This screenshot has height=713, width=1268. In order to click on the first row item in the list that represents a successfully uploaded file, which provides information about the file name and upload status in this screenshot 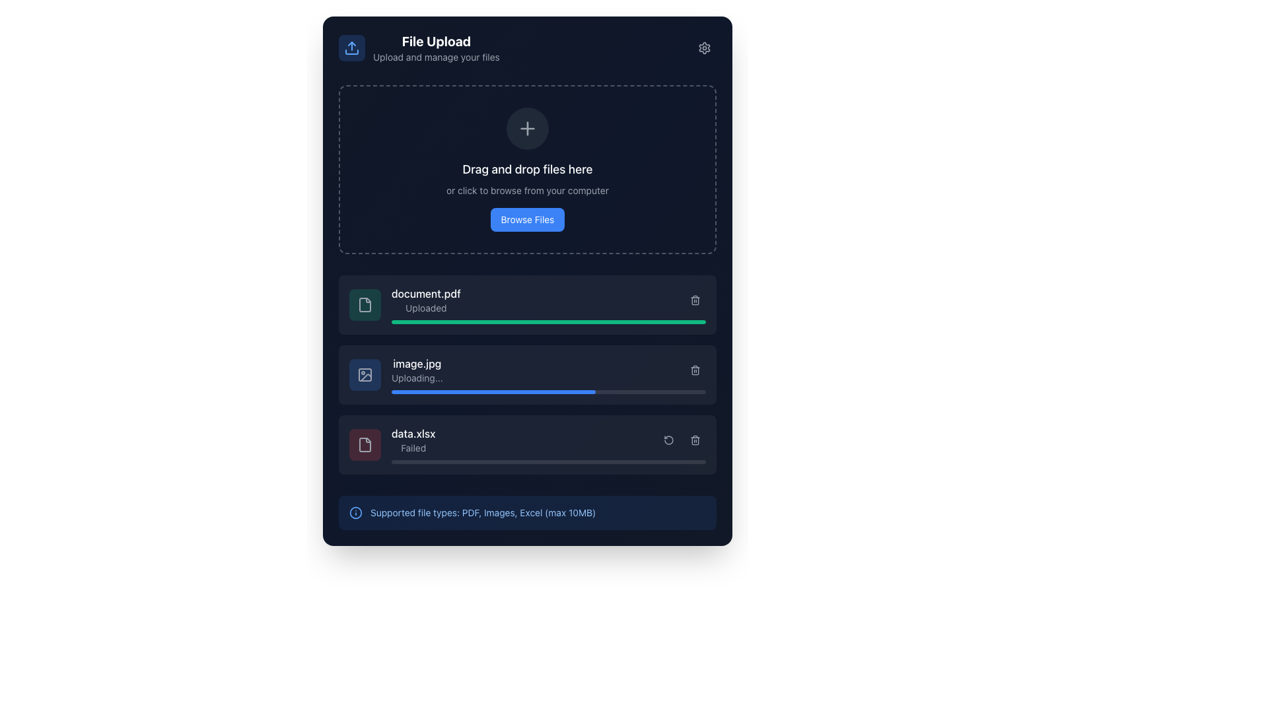, I will do `click(526, 305)`.